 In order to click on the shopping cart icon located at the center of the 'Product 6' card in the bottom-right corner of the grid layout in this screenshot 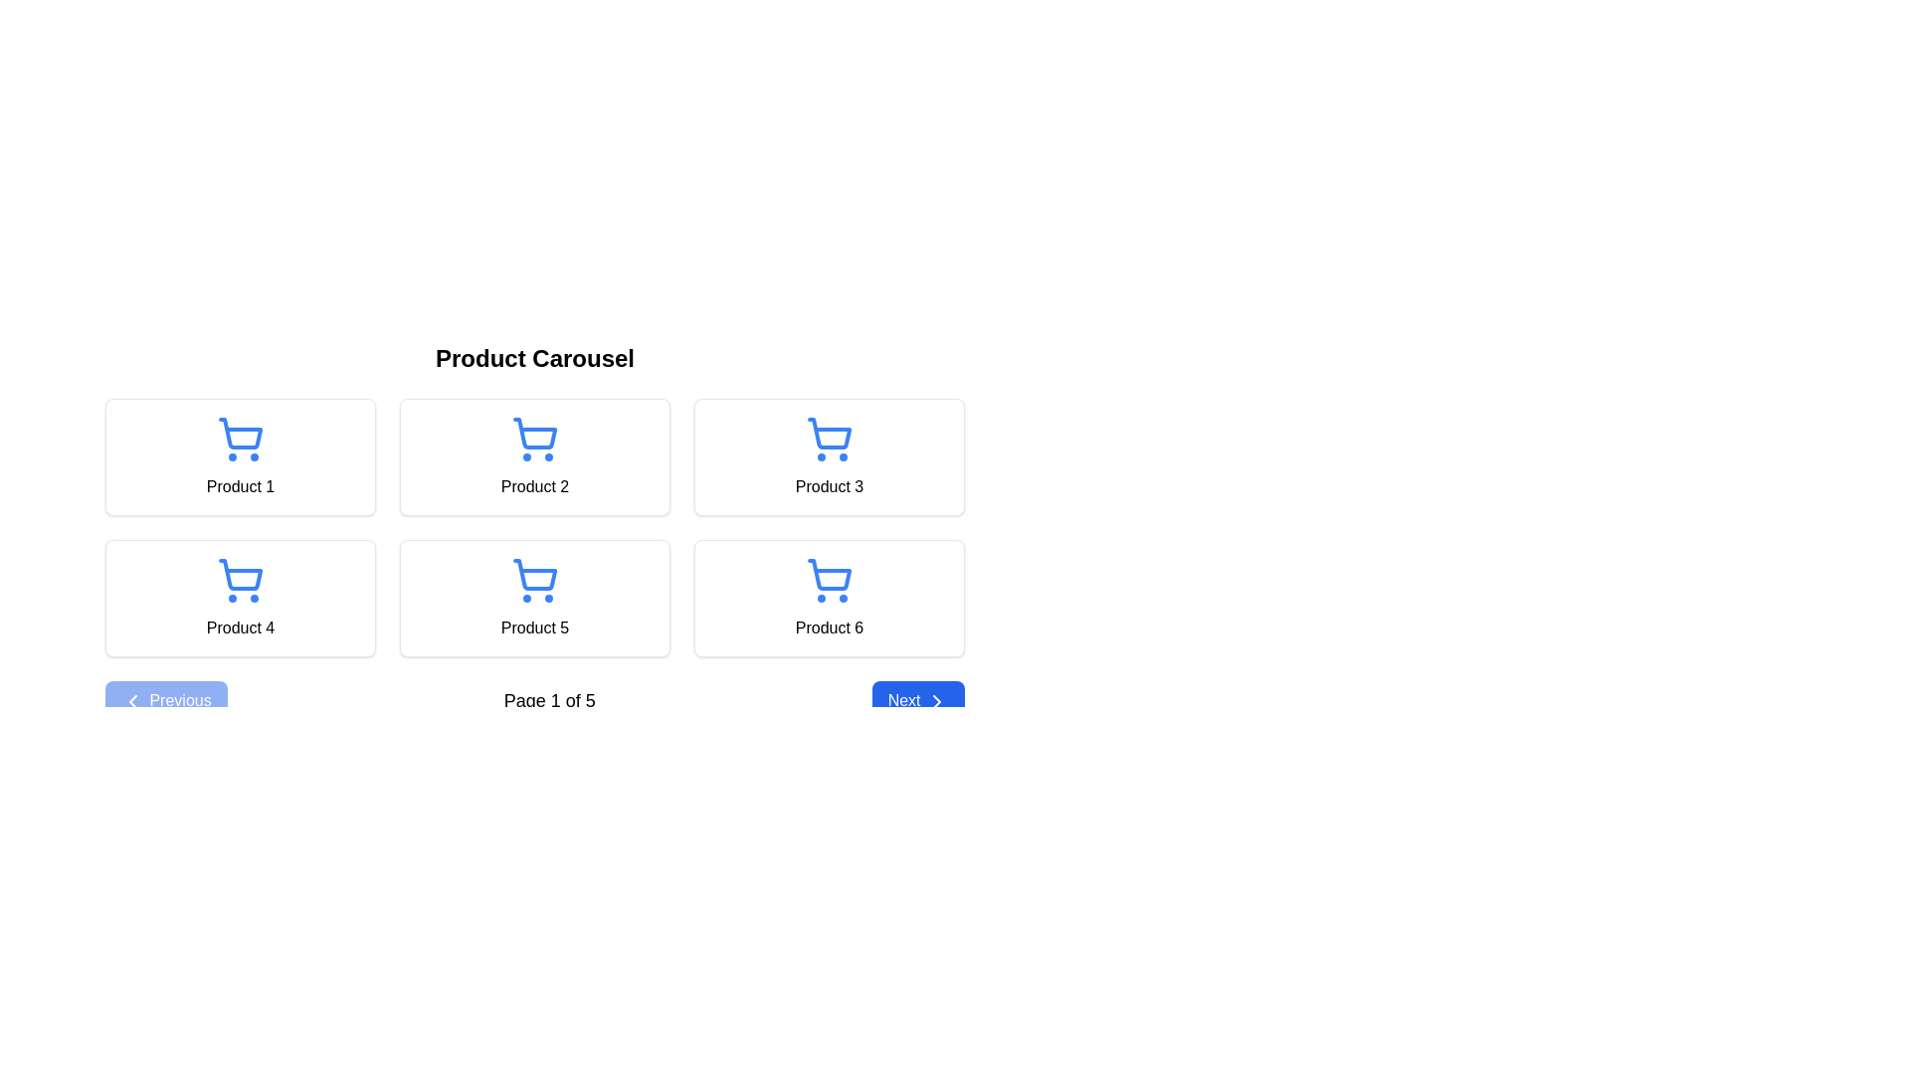, I will do `click(830, 580)`.